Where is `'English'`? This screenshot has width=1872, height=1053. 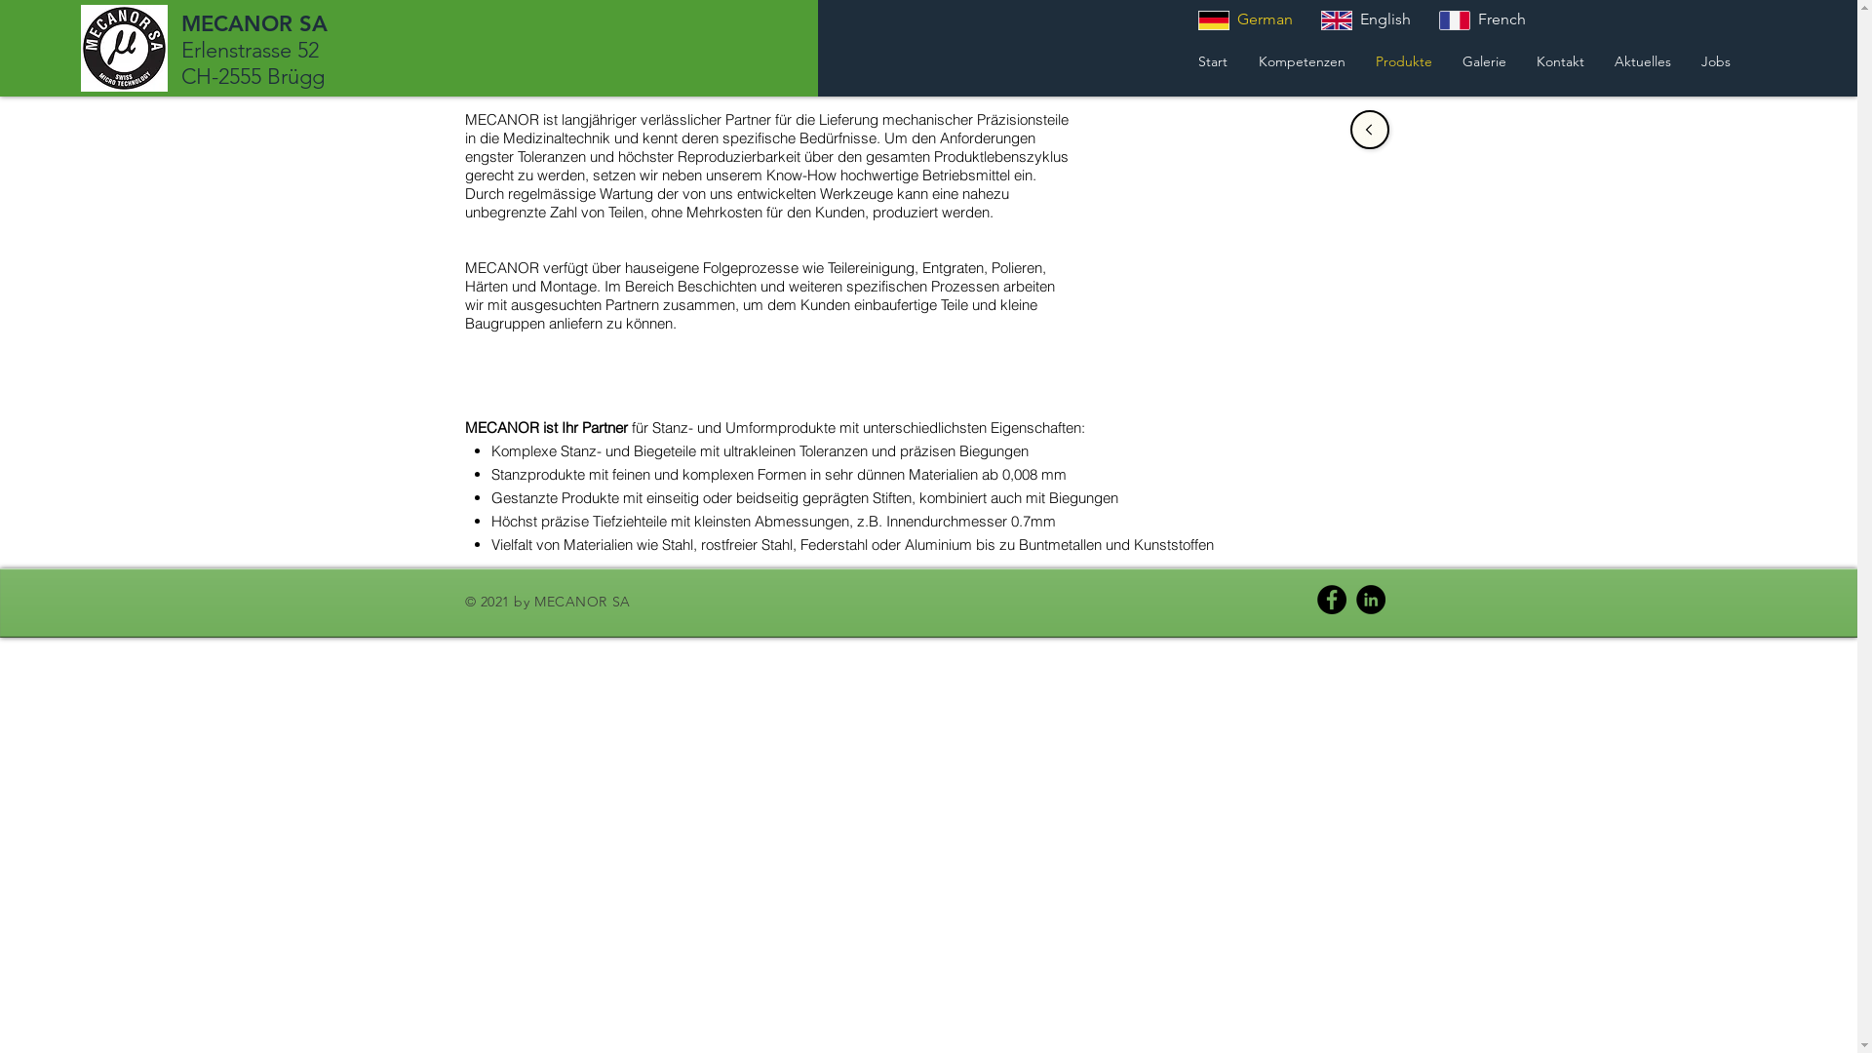 'English' is located at coordinates (1364, 19).